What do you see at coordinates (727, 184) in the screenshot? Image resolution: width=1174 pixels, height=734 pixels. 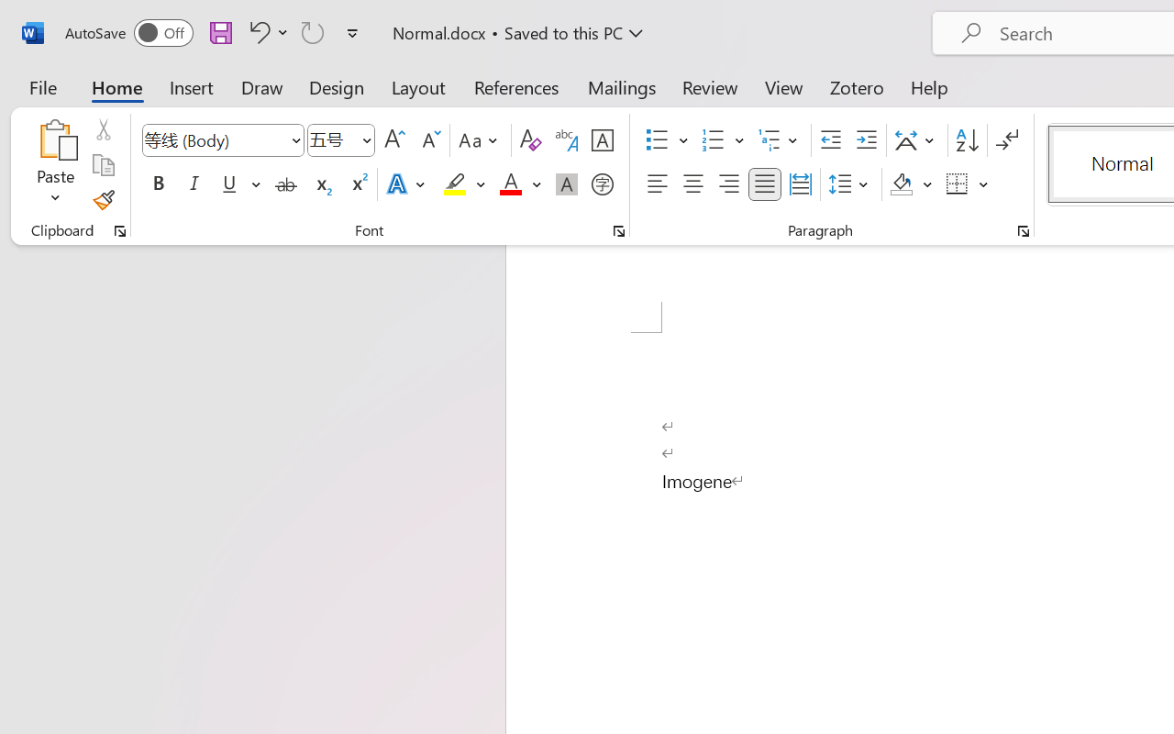 I see `'Align Right'` at bounding box center [727, 184].